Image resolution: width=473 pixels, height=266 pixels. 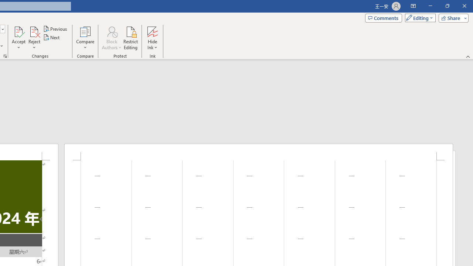 I want to click on 'Hide Ink', so click(x=152, y=38).